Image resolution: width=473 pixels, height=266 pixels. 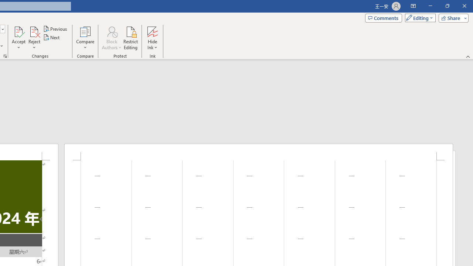 I want to click on 'Hide Ink', so click(x=152, y=38).